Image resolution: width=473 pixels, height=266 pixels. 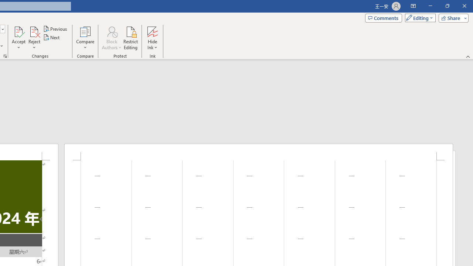 I want to click on 'Hide Ink', so click(x=152, y=38).